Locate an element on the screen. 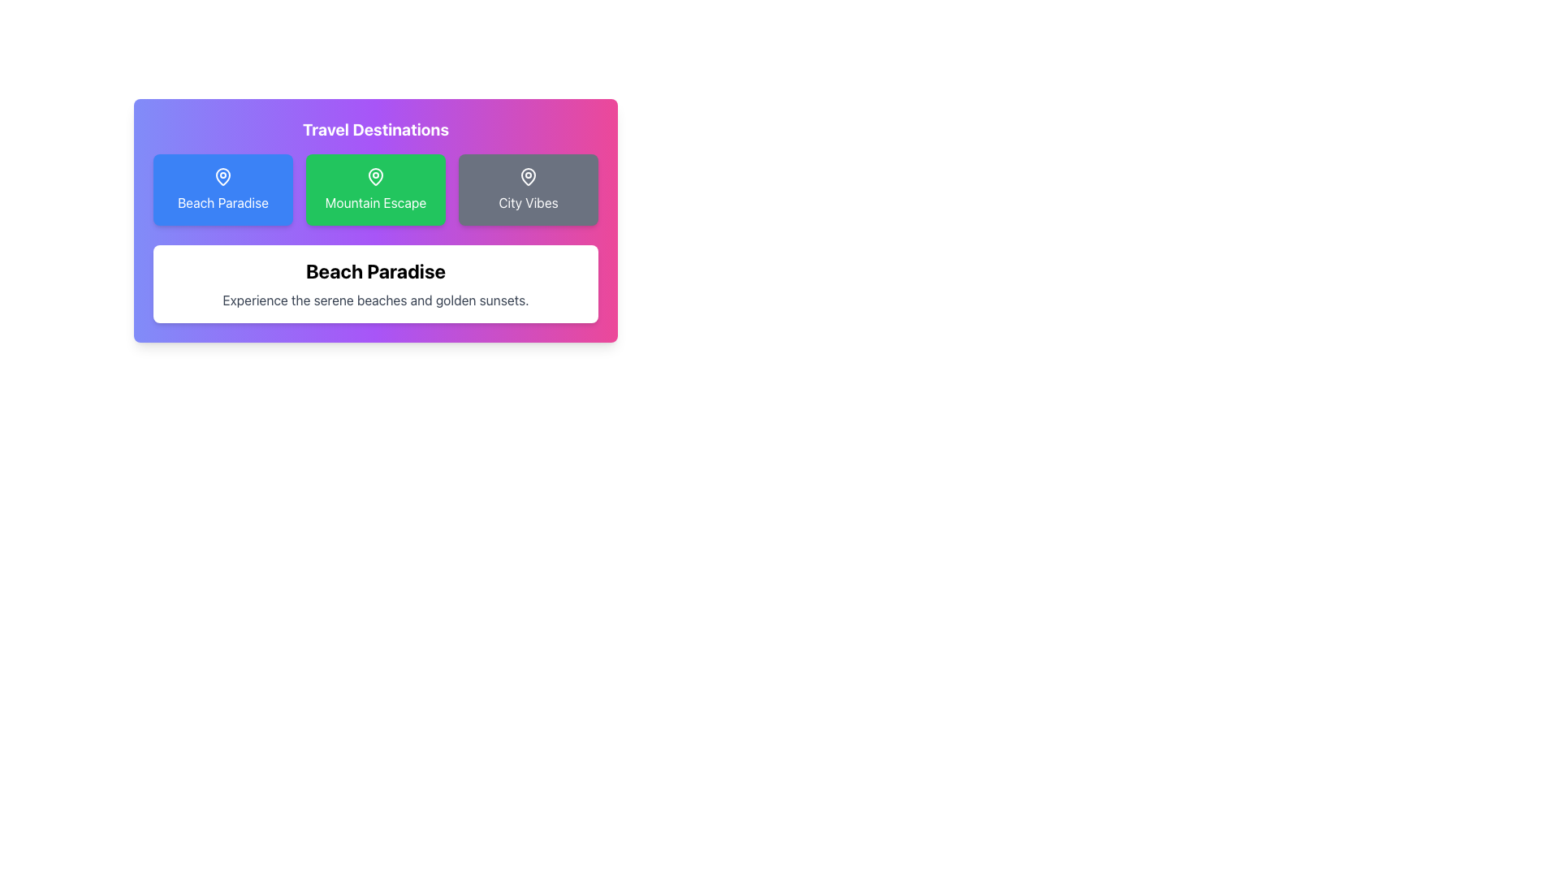 Image resolution: width=1559 pixels, height=877 pixels. the vector graphic icon resembling a map pin, which is centrally located within the green card titled 'Mountain Escape', positioned directly above the text label is located at coordinates (374, 175).